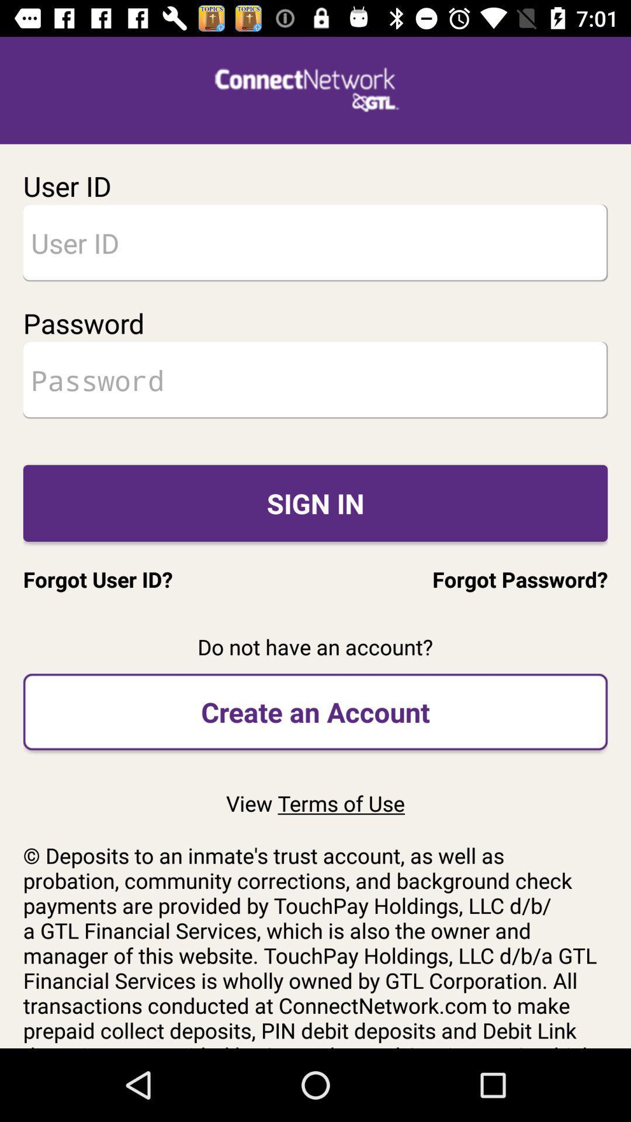 The image size is (631, 1122). Describe the element at coordinates (315, 242) in the screenshot. I see `your user id` at that location.